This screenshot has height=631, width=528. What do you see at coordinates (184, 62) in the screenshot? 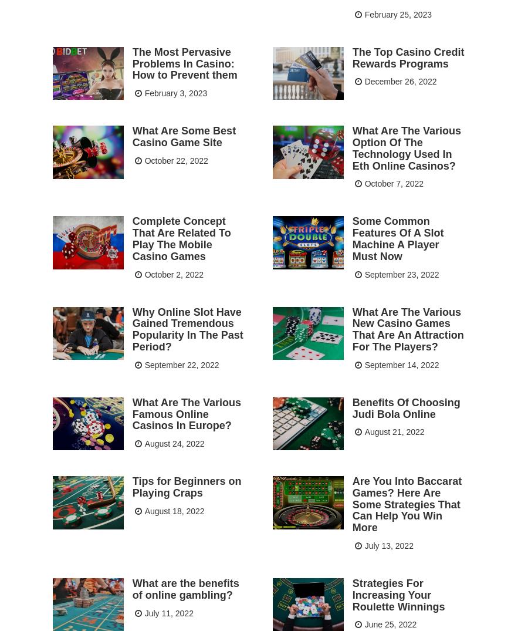
I see `'The Most Pervasive Problems In Casino: How to Prevent them'` at bounding box center [184, 62].